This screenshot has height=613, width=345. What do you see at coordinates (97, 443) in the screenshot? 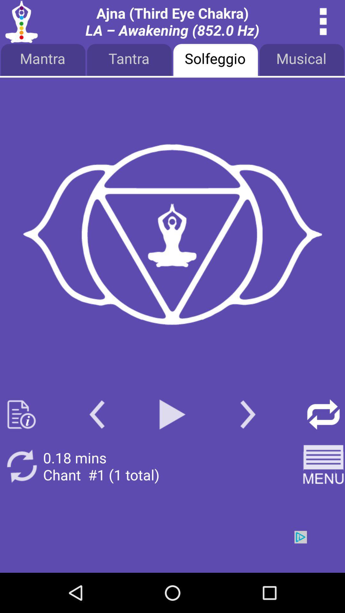
I see `the arrow_backward icon` at bounding box center [97, 443].